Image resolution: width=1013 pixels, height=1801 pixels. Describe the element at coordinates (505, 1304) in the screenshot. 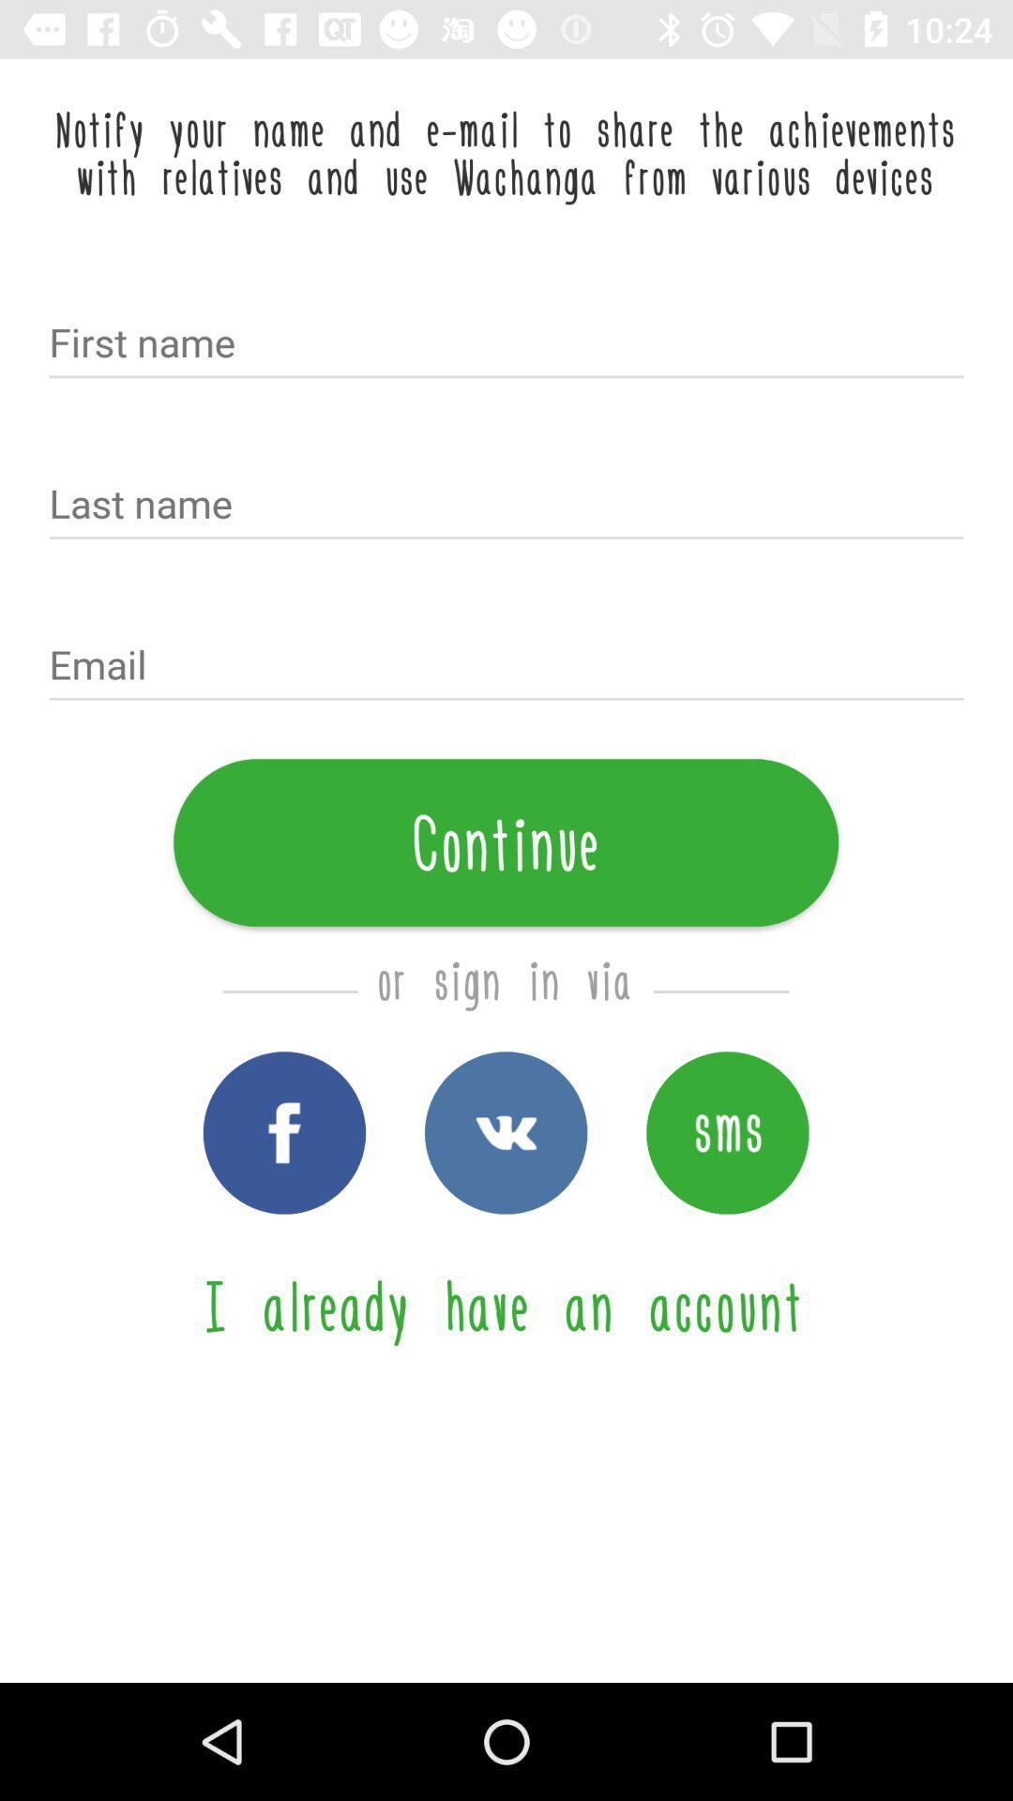

I see `the i already have` at that location.